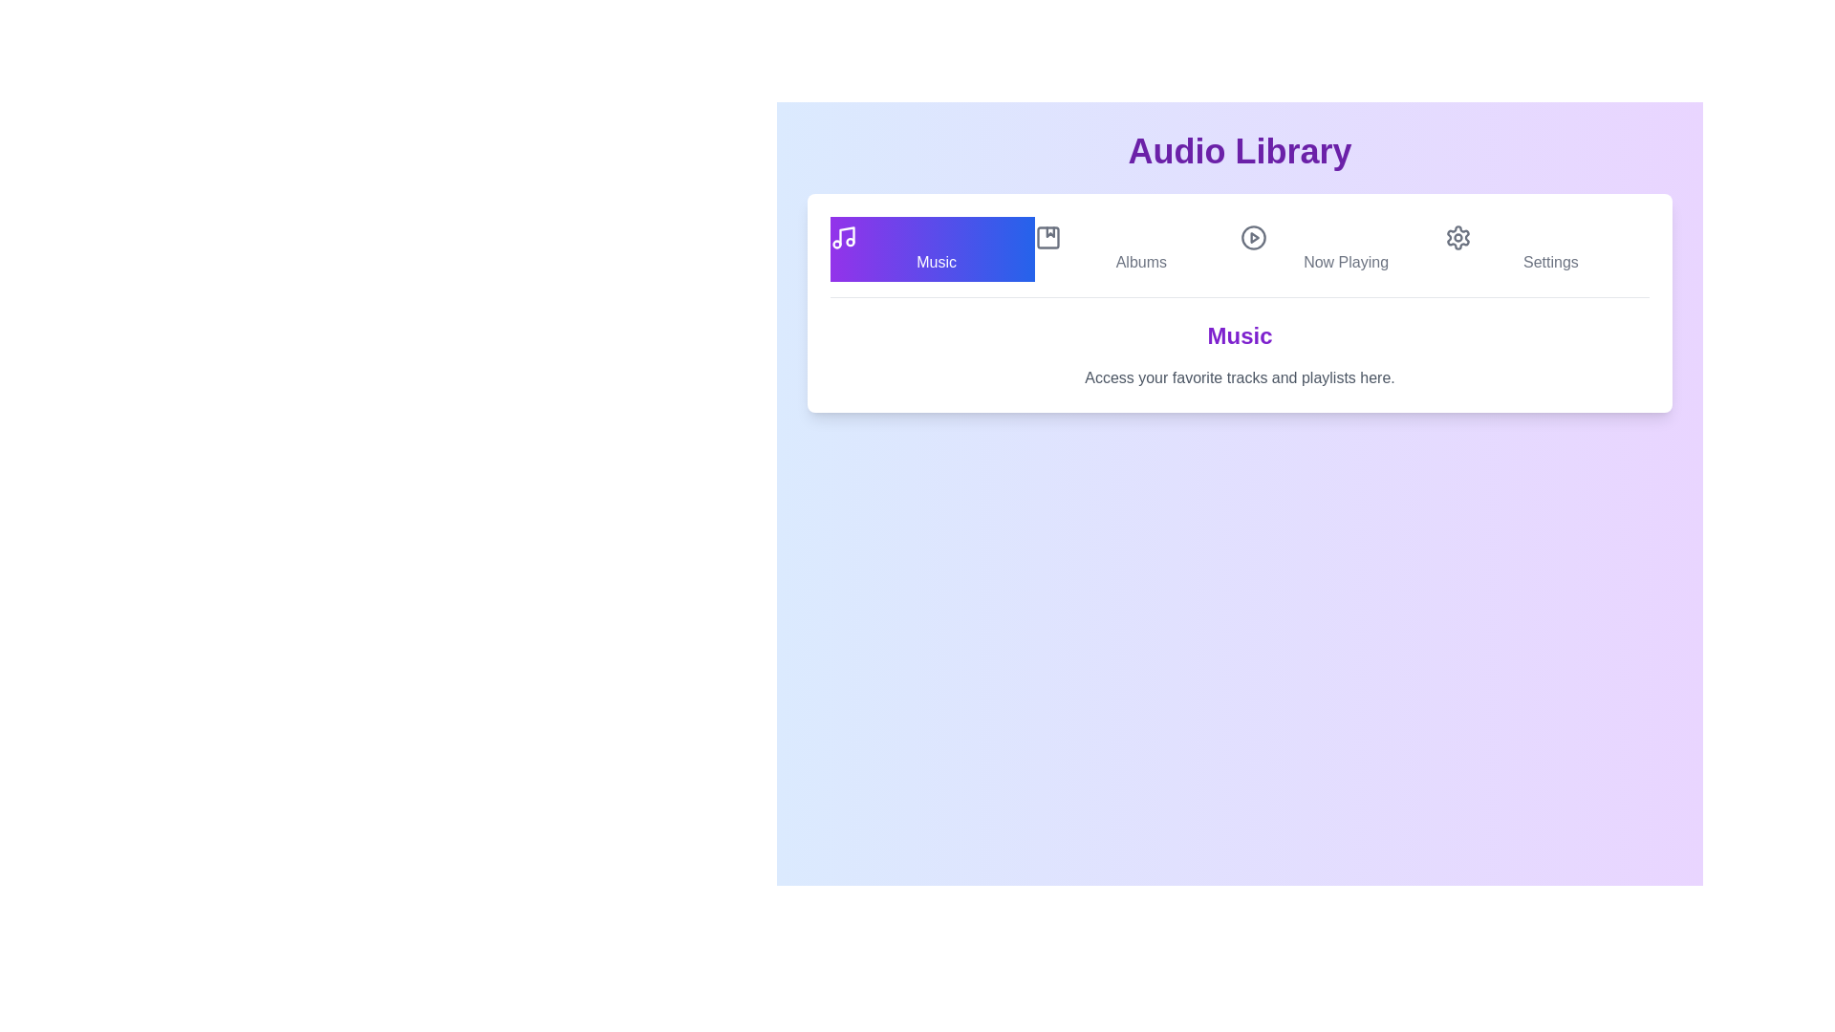  I want to click on the 'Settings' text label located at the top right of the navigation bar in the 'Audio Library' interface, so click(1550, 262).